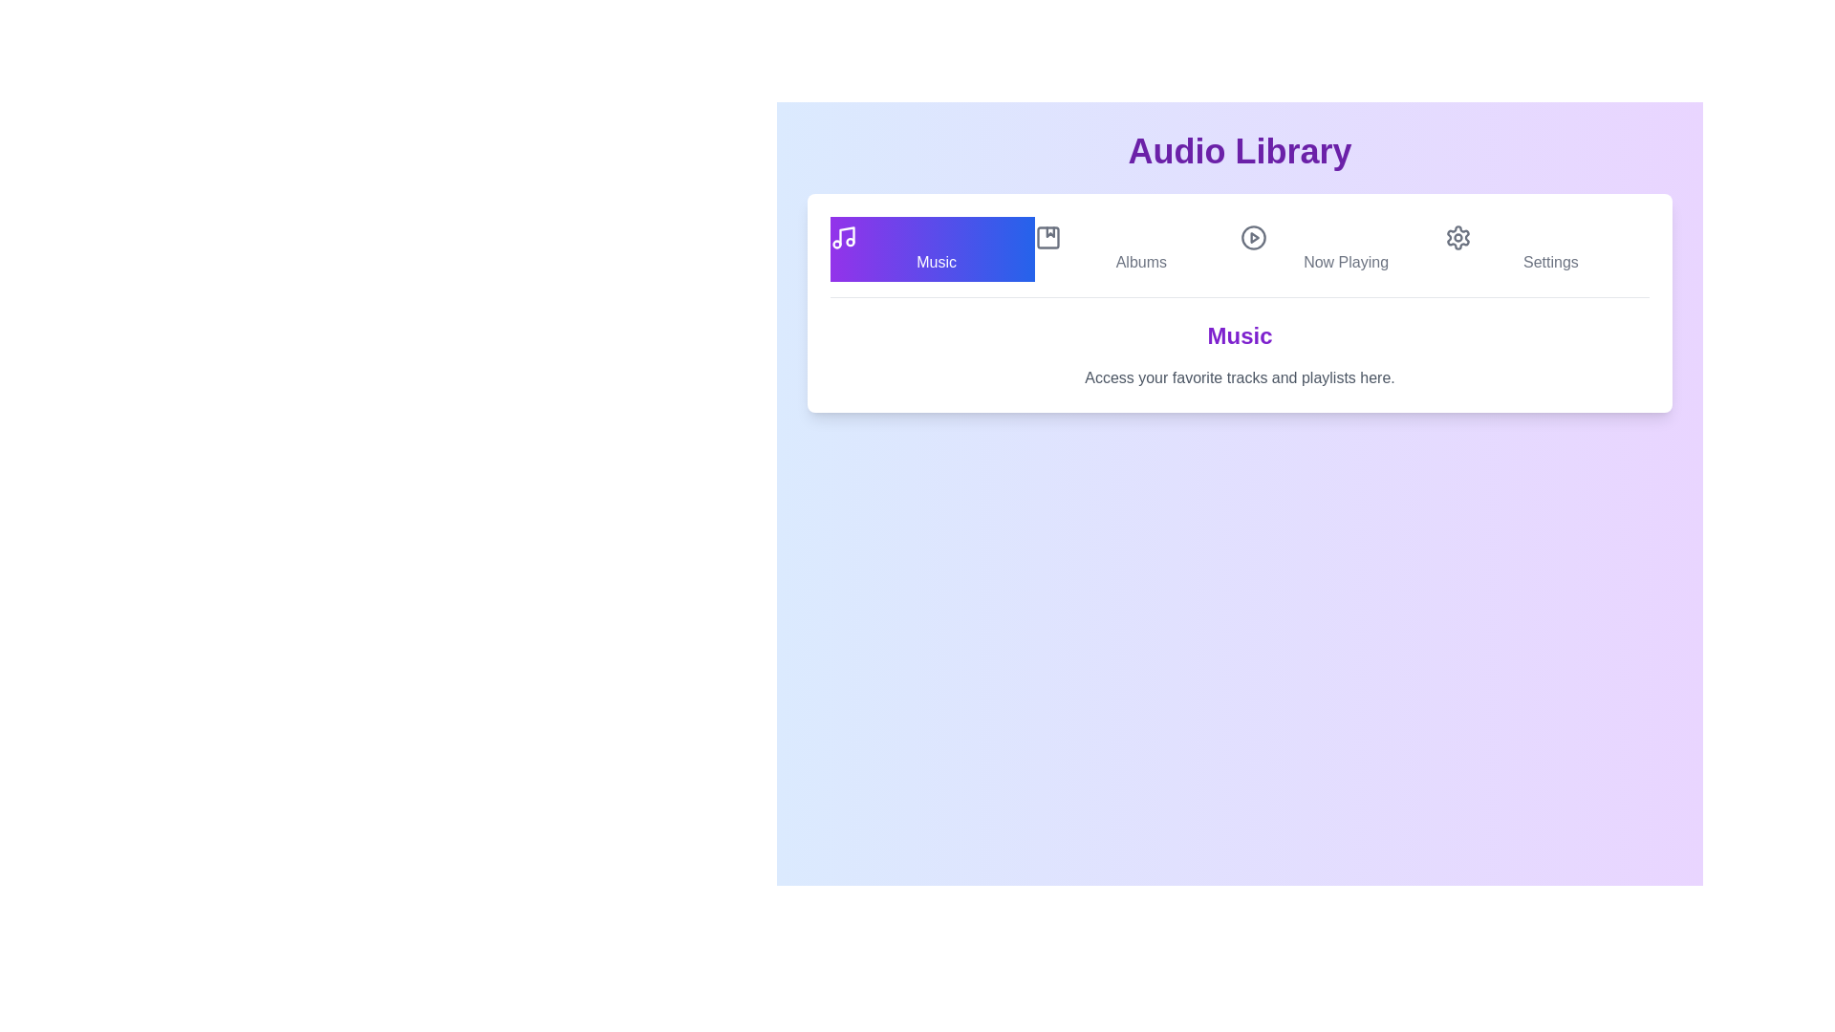  I want to click on the 'Settings' text label located at the top right of the navigation bar in the 'Audio Library' interface, so click(1550, 262).